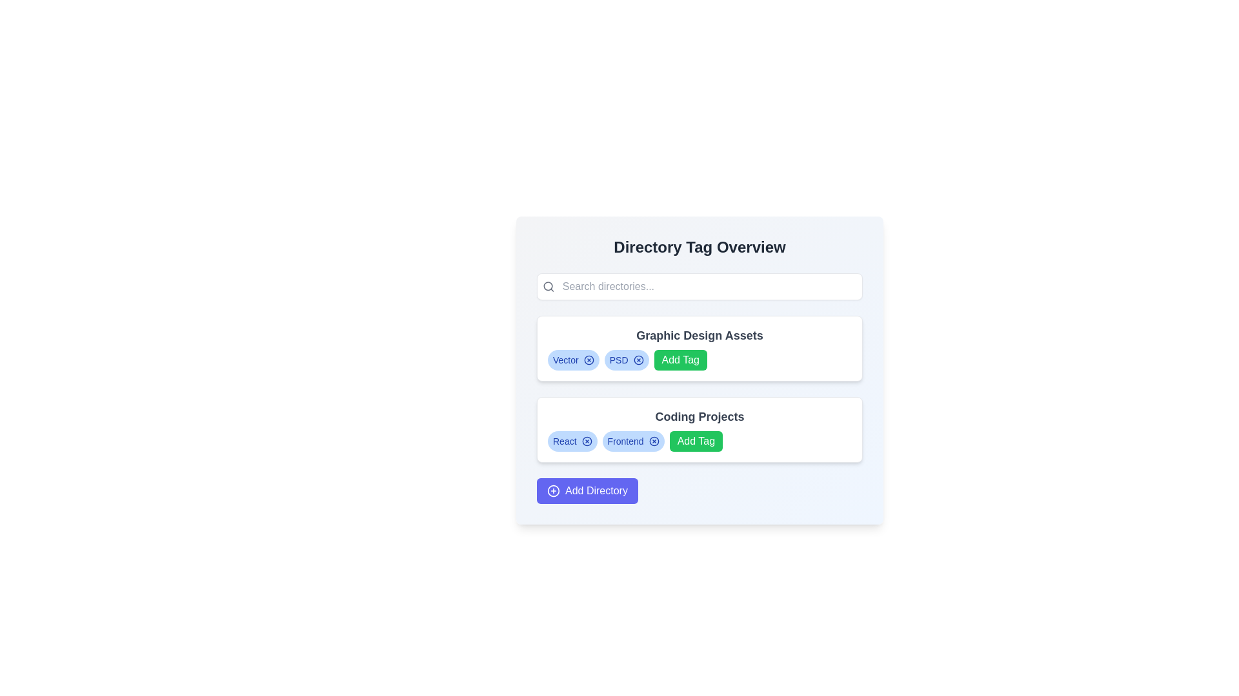 The image size is (1239, 696). What do you see at coordinates (699, 370) in the screenshot?
I see `the green 'Add Tag' button with white text, located in the 'Graphic Design Assets' section under 'Directory Tag Overview'` at bounding box center [699, 370].